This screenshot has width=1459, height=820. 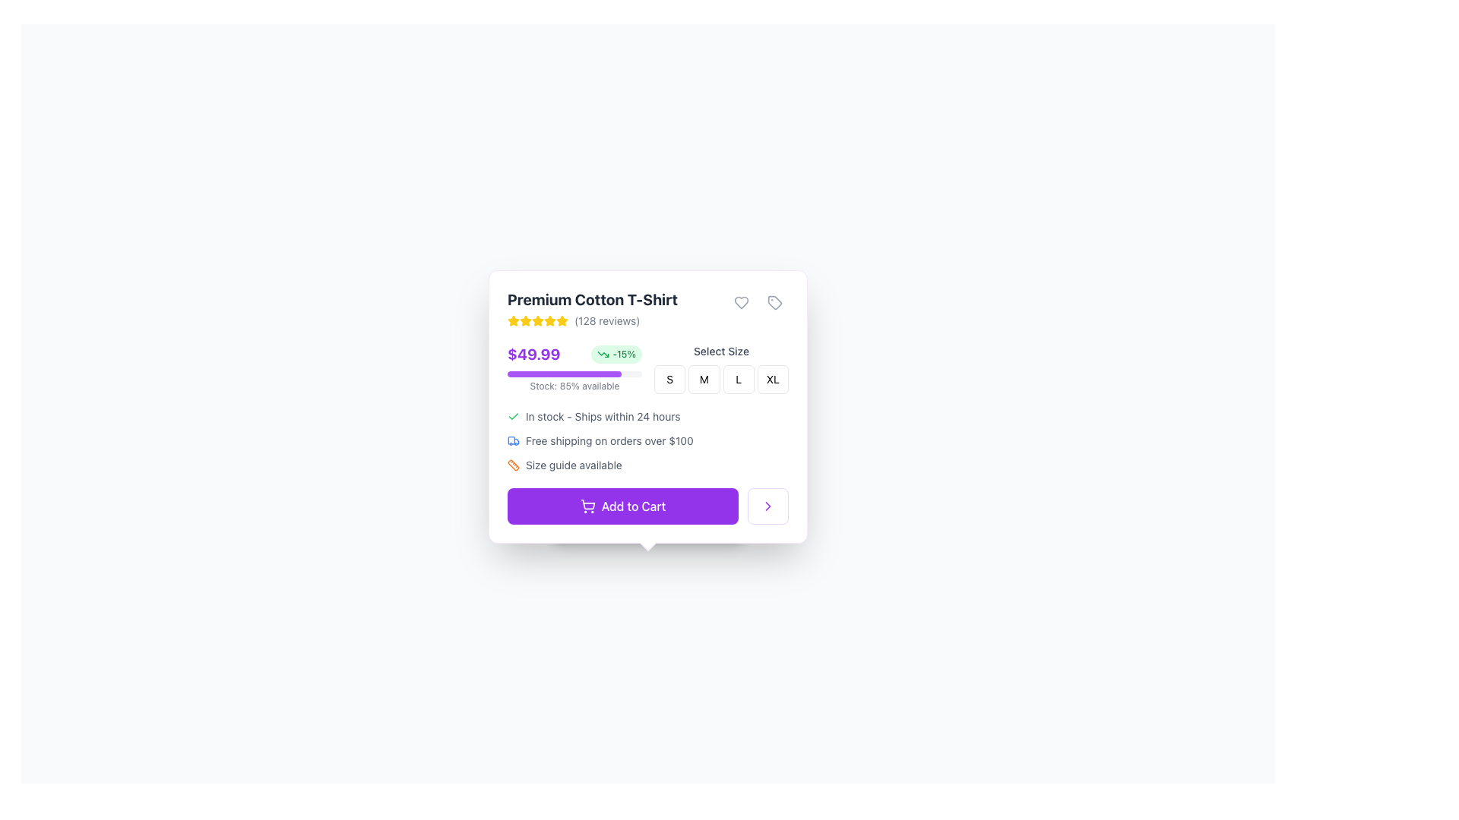 I want to click on one of the size buttons (S, M, L, XL) in the grouped selectable button set located in the right half of the product card interface, below the price and stock information, so click(x=720, y=369).